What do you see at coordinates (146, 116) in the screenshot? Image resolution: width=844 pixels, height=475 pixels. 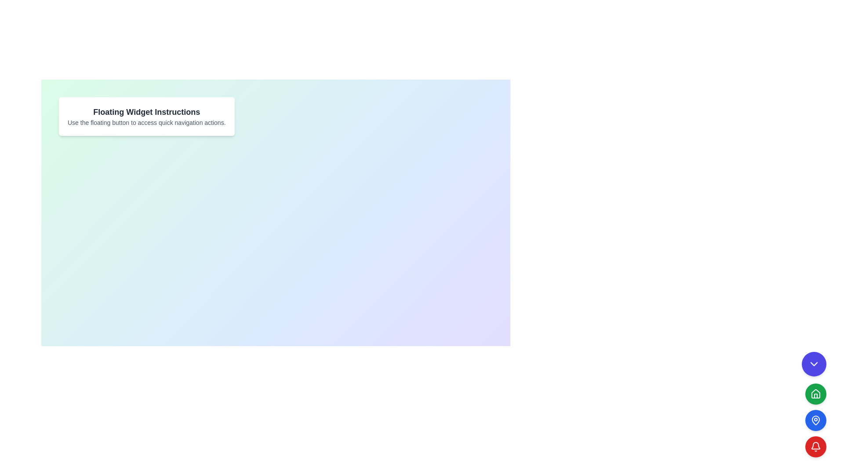 I see `the Informational Panel titled 'Floating Widget Instructions' which contains instructions on using the floating button for quick navigation actions` at bounding box center [146, 116].